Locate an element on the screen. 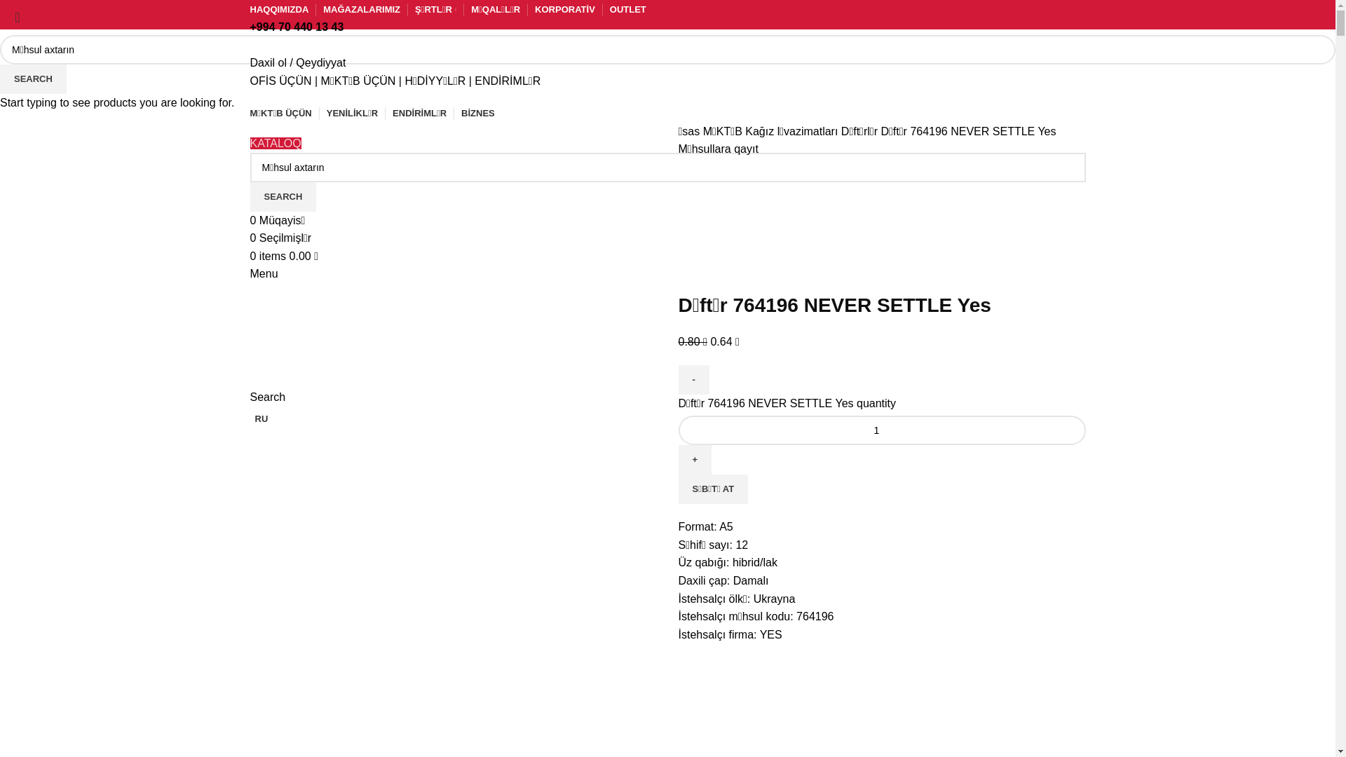  'BIZNES' is located at coordinates (477, 113).